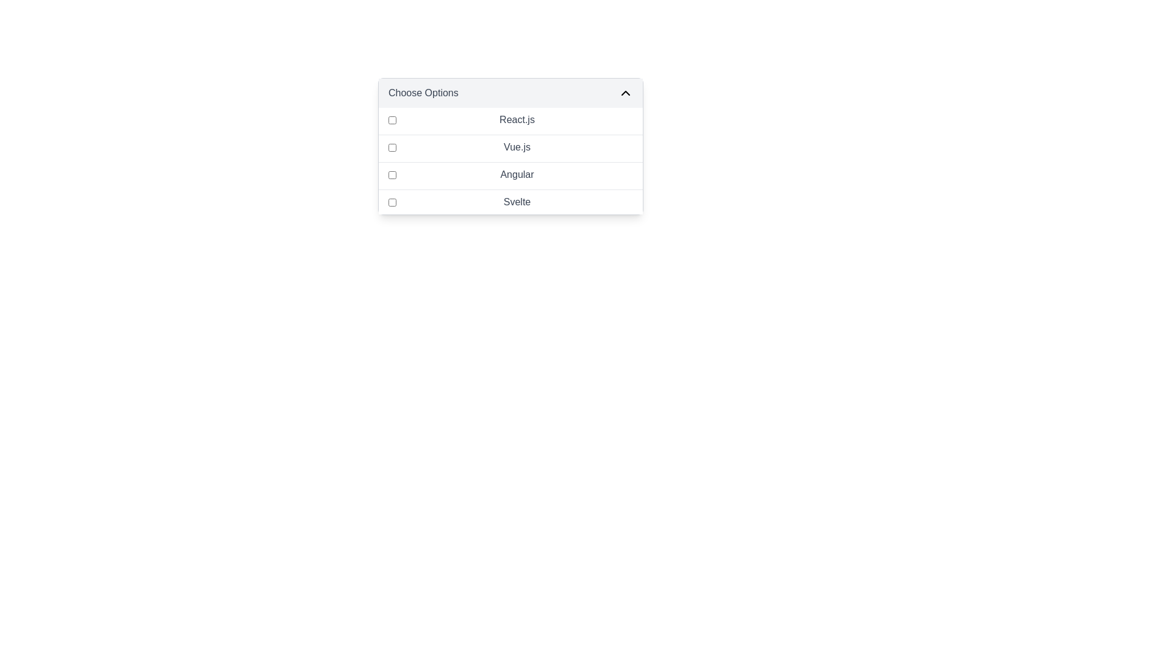 The width and height of the screenshot is (1171, 658). What do you see at coordinates (510, 201) in the screenshot?
I see `the checkbox labeled 'Svelte'` at bounding box center [510, 201].